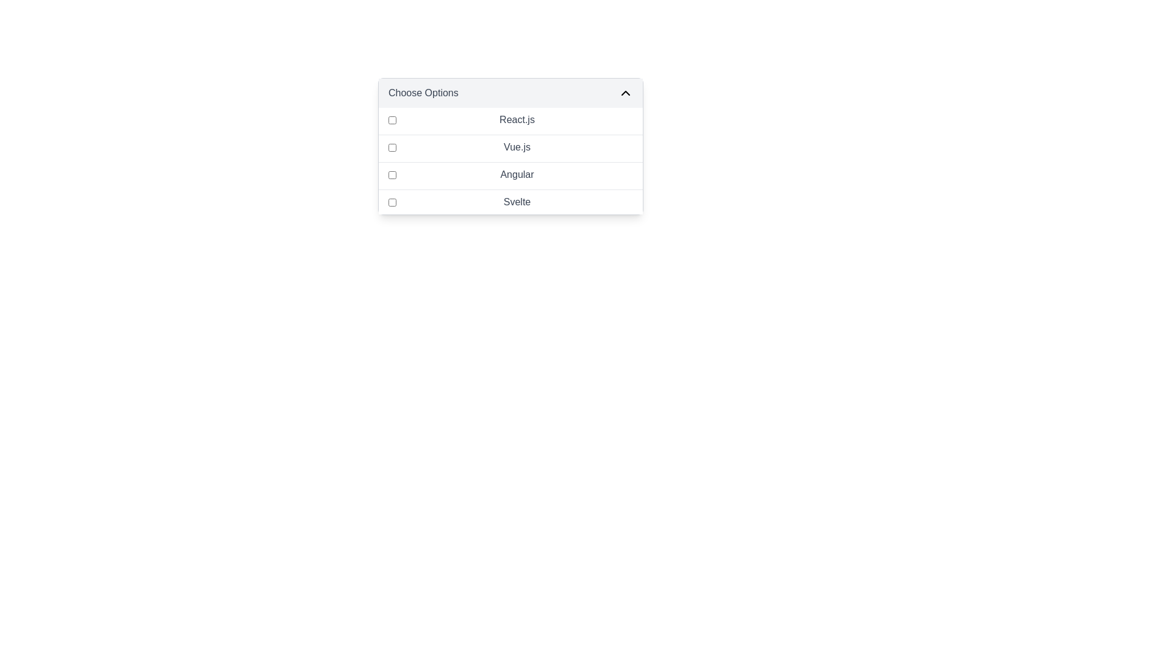 The width and height of the screenshot is (1171, 658). What do you see at coordinates (510, 201) in the screenshot?
I see `the checkbox labeled 'Svelte'` at bounding box center [510, 201].